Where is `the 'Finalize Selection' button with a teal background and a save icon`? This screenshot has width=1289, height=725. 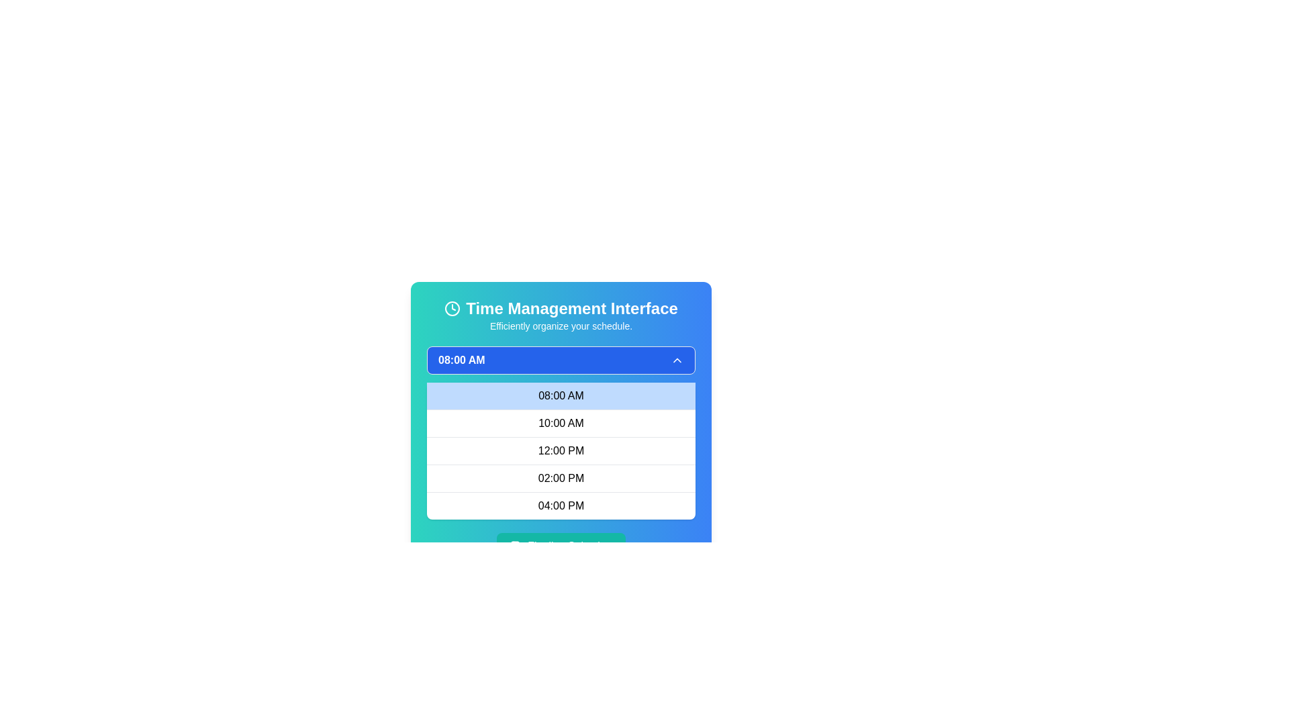
the 'Finalize Selection' button with a teal background and a save icon is located at coordinates (561, 546).